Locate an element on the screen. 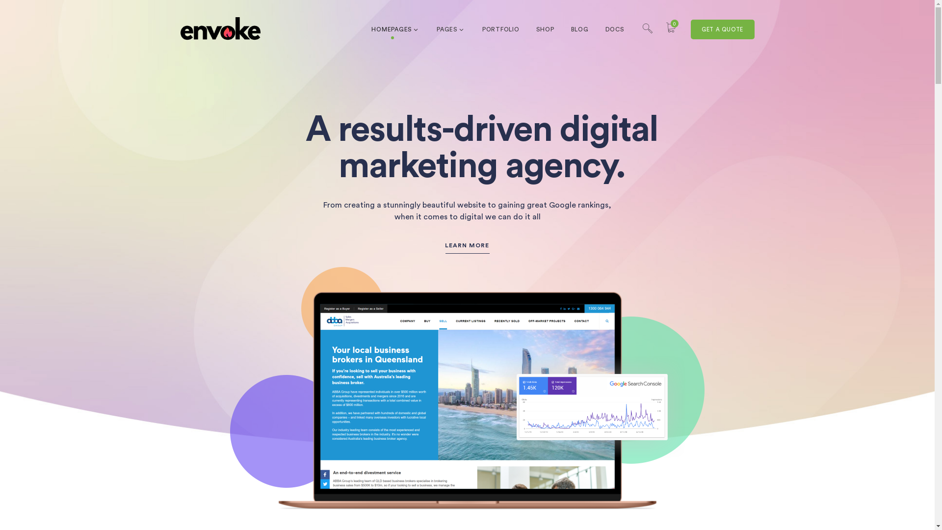 The height and width of the screenshot is (530, 942). 'SHOP' is located at coordinates (544, 29).